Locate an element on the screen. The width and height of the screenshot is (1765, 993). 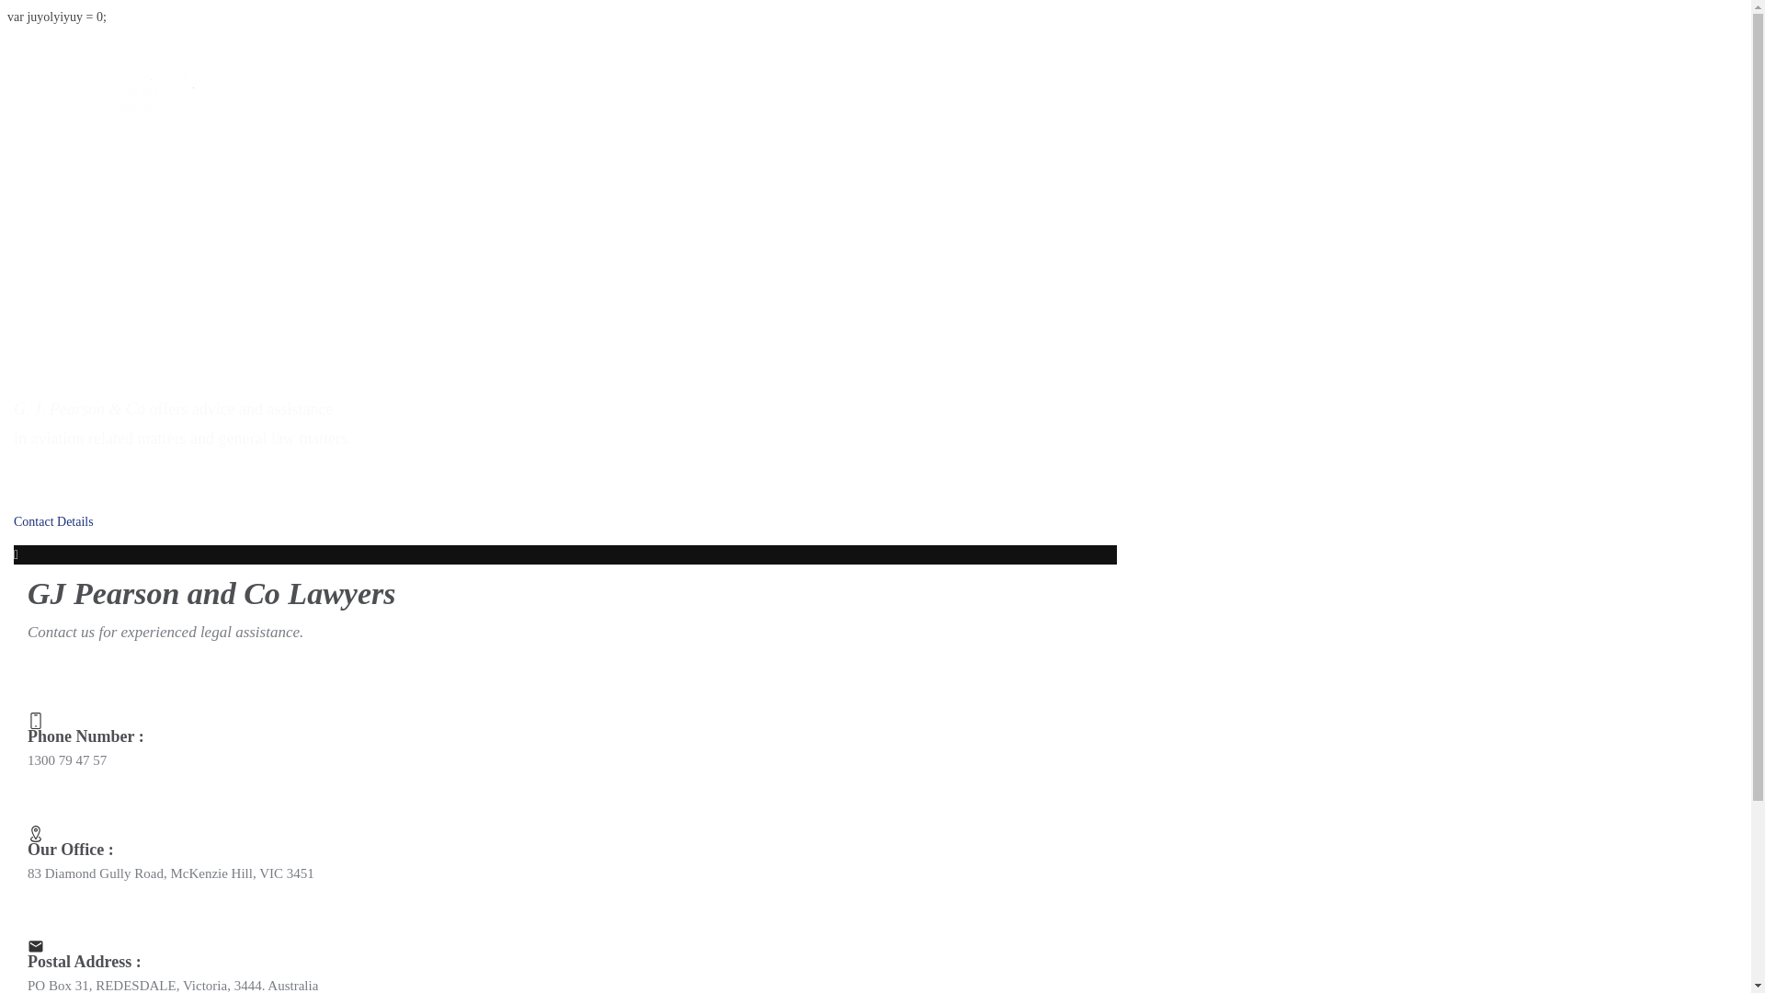
'Contact Details' is located at coordinates (127, 521).